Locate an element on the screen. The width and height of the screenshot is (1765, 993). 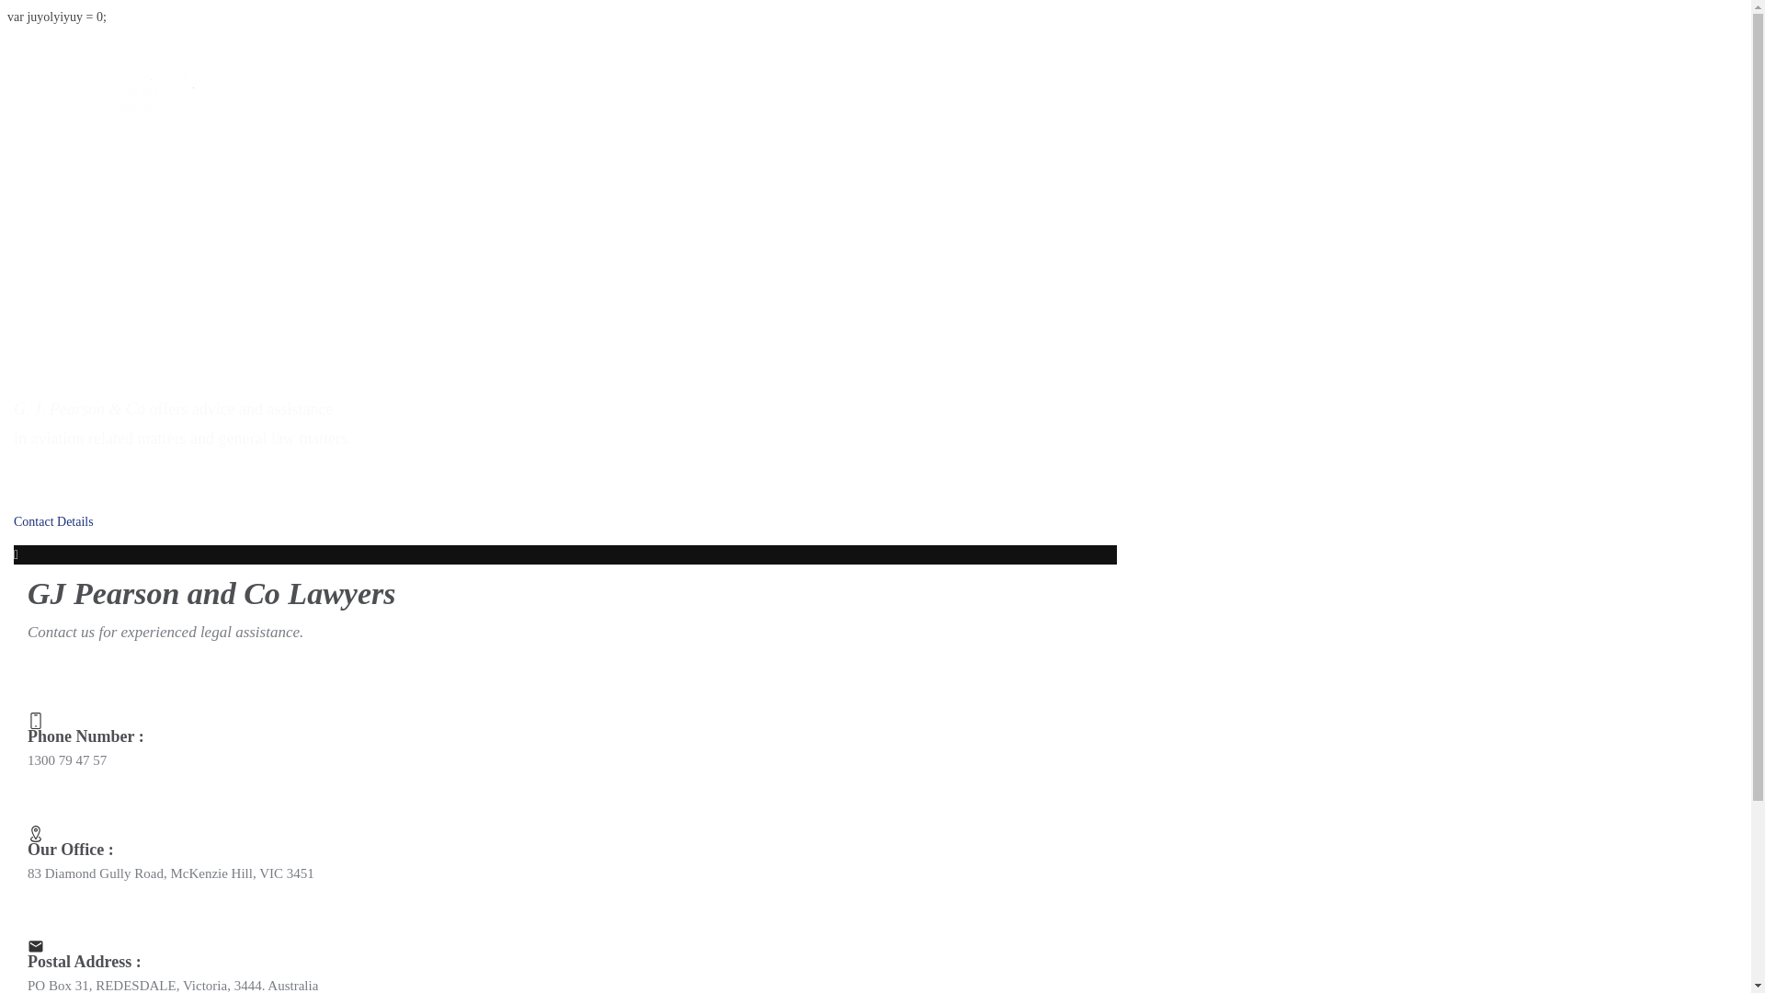
'Contact Details' is located at coordinates (127, 521).